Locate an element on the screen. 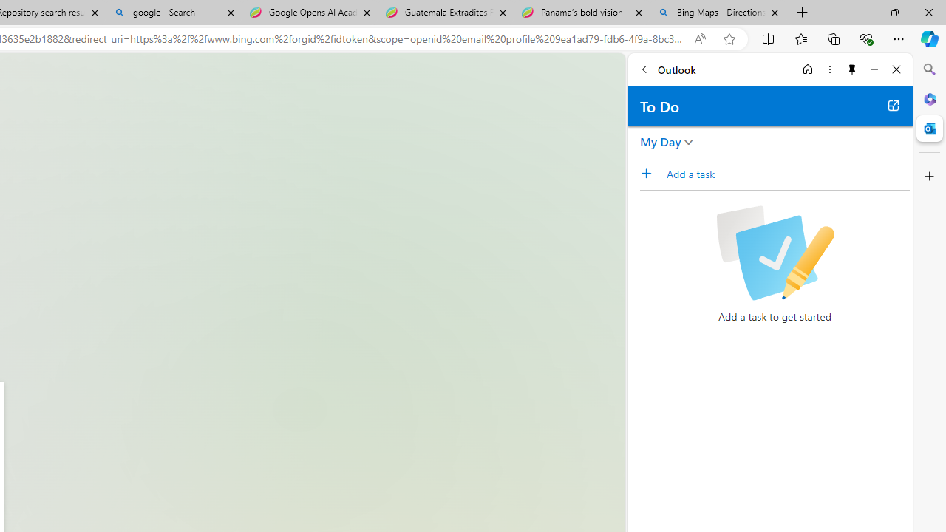 This screenshot has height=532, width=946. 'Open in new tab' is located at coordinates (892, 104).